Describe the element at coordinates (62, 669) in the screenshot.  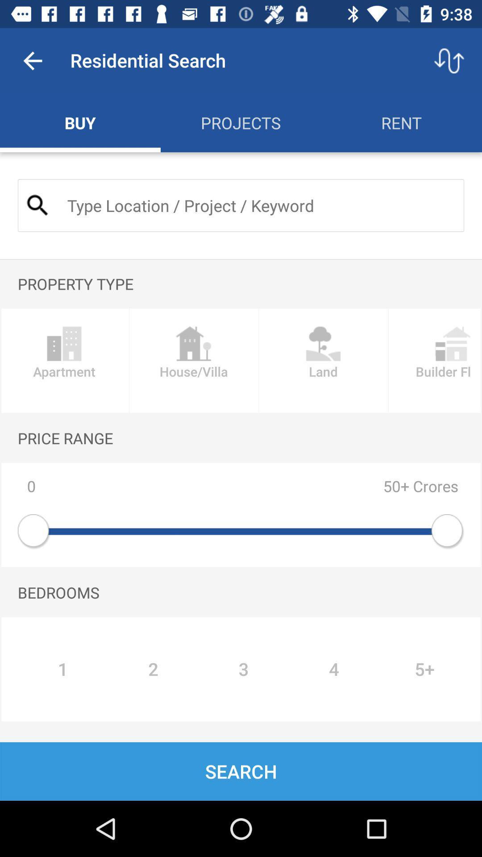
I see `the 1` at that location.